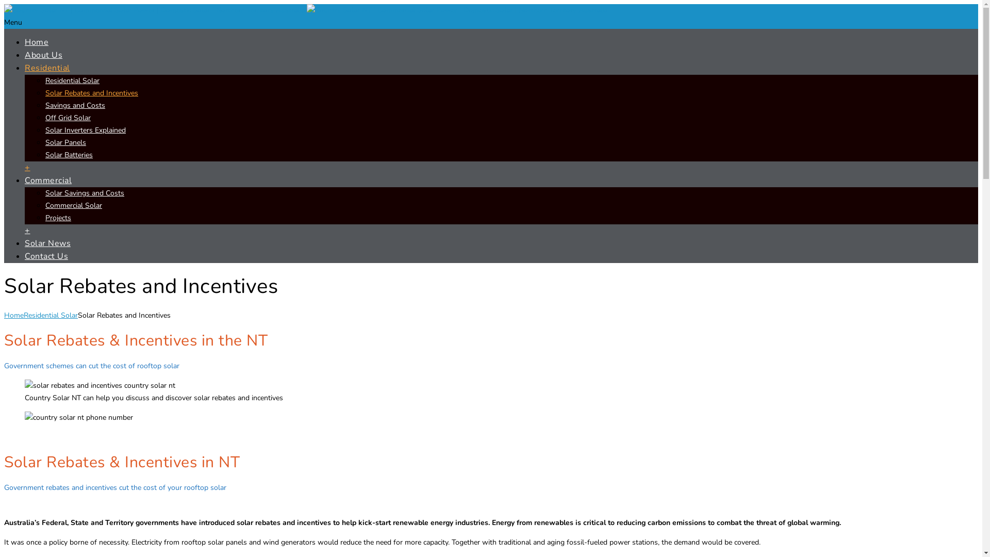 This screenshot has height=557, width=990. Describe the element at coordinates (67, 117) in the screenshot. I see `'Off Grid Solar'` at that location.